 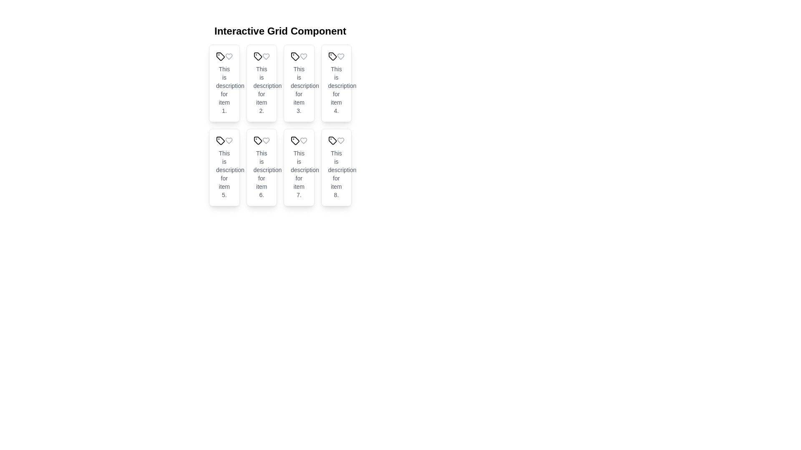 What do you see at coordinates (220, 56) in the screenshot?
I see `the tag-like icon located in the top left grid cell, which represents labels or categories` at bounding box center [220, 56].